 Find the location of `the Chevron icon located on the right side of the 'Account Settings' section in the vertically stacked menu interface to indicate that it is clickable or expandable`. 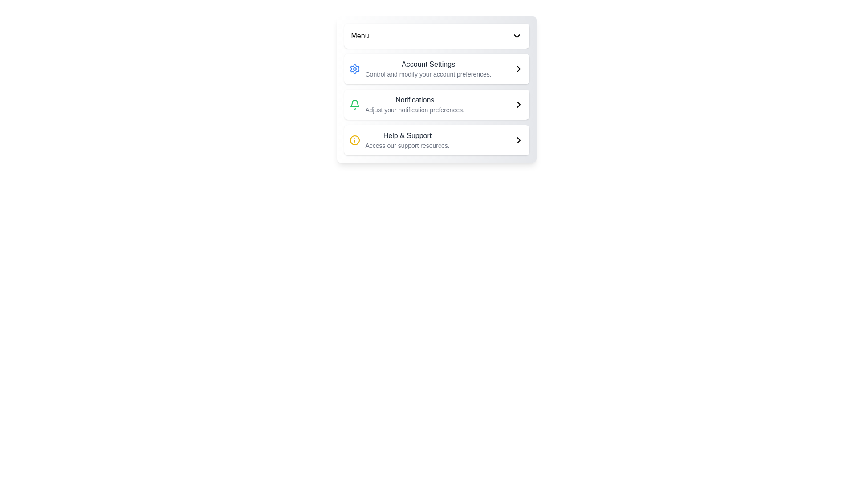

the Chevron icon located on the right side of the 'Account Settings' section in the vertically stacked menu interface to indicate that it is clickable or expandable is located at coordinates (518, 68).